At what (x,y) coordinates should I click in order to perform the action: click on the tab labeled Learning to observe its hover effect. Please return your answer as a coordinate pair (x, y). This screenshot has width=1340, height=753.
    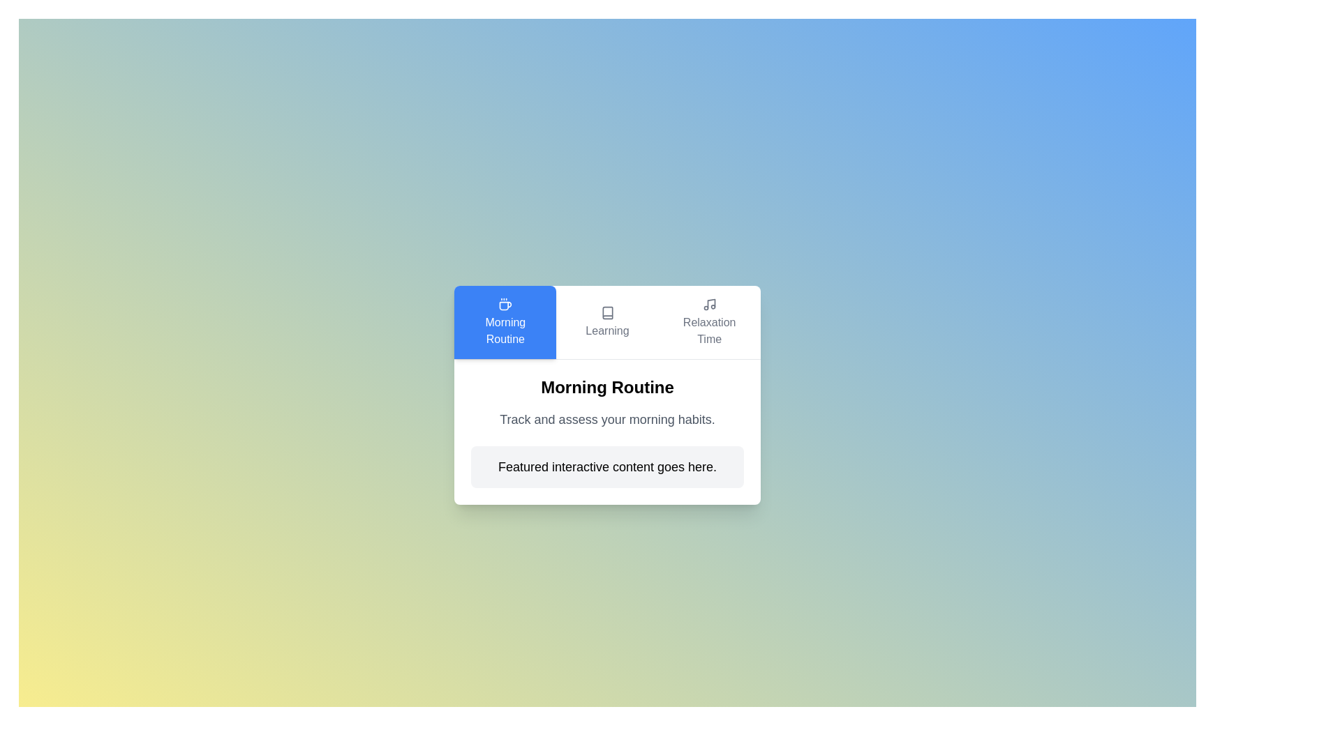
    Looking at the image, I should click on (607, 322).